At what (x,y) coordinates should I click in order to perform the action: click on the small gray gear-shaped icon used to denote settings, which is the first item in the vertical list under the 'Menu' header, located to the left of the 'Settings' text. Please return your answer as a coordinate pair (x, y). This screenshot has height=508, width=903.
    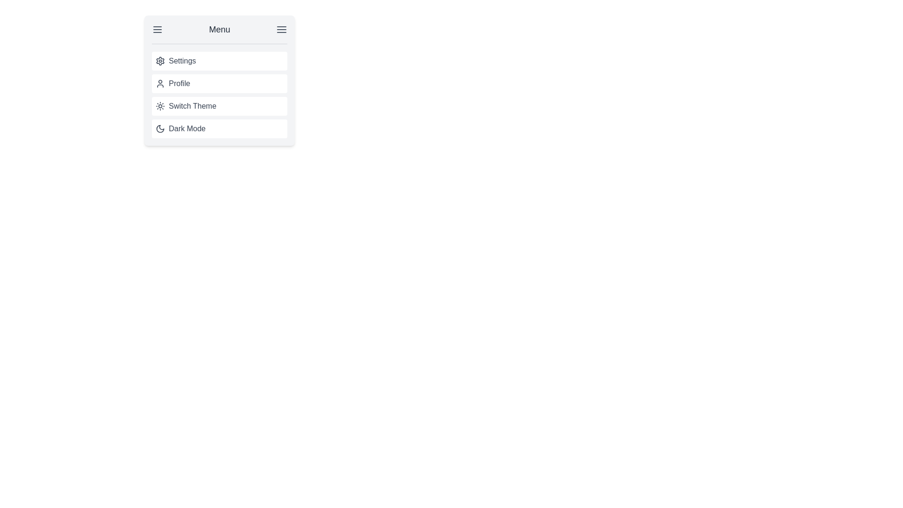
    Looking at the image, I should click on (160, 61).